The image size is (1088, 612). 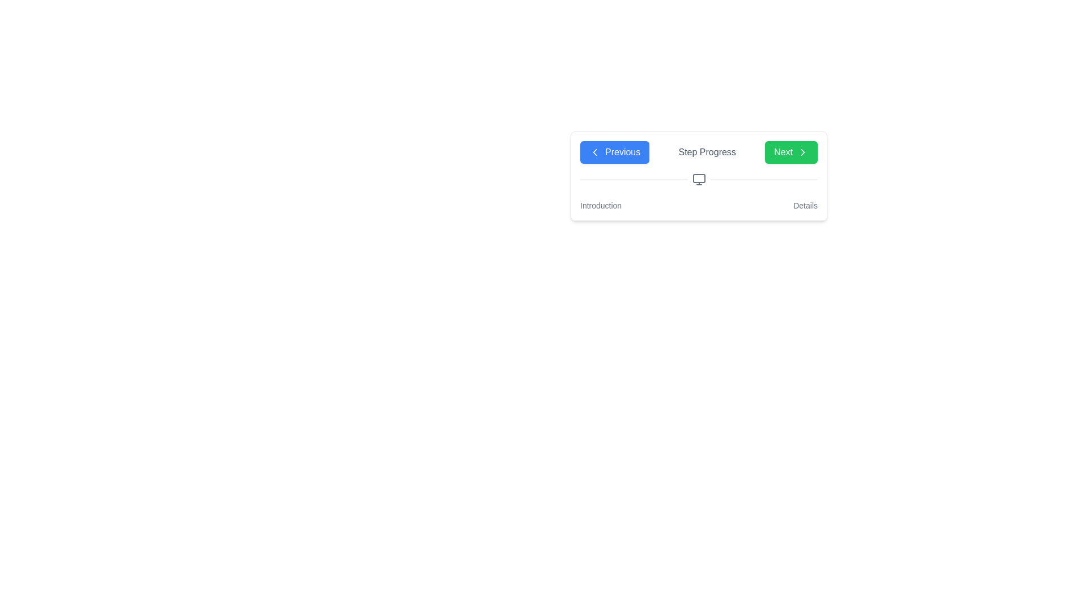 What do you see at coordinates (802, 152) in the screenshot?
I see `the 'Next' button icon, which indicates navigation to the next step, located in the upper-right section of the interface` at bounding box center [802, 152].